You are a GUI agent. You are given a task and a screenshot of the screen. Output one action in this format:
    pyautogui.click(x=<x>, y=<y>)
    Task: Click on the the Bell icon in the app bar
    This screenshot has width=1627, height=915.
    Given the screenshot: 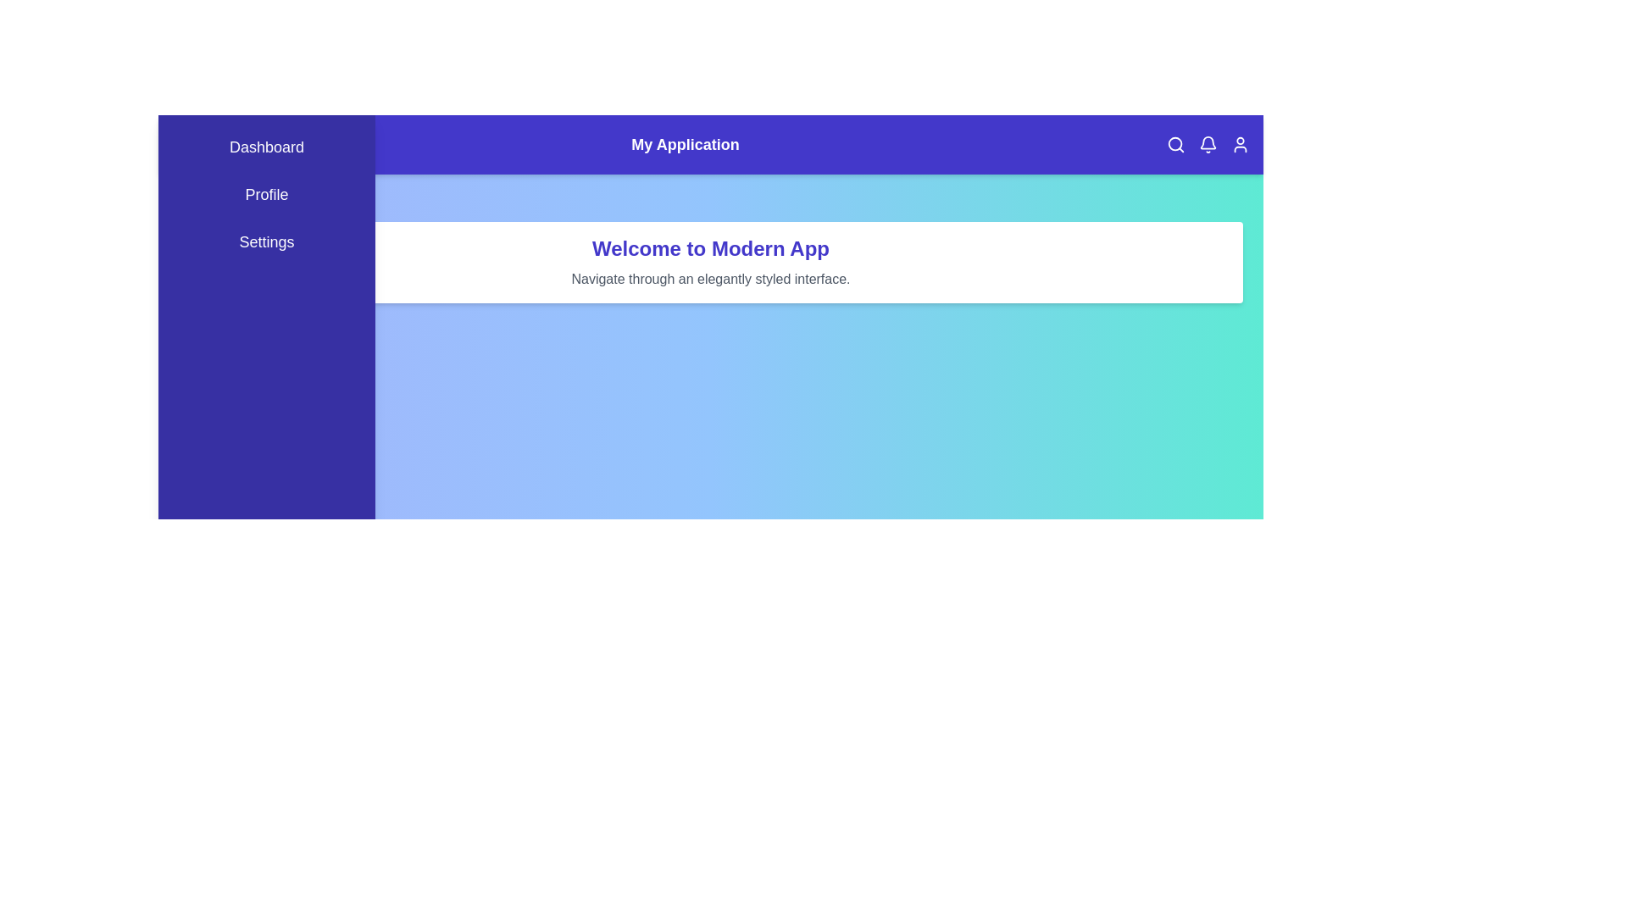 What is the action you would take?
    pyautogui.click(x=1207, y=143)
    